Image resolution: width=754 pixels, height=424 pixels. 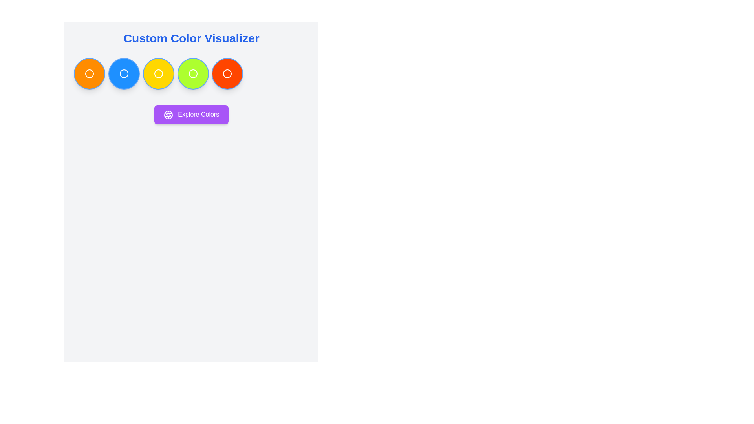 I want to click on the central icon of the fourth button from the left in the group of five buttons below the 'Custom Color Visualizer' title, so click(x=193, y=74).